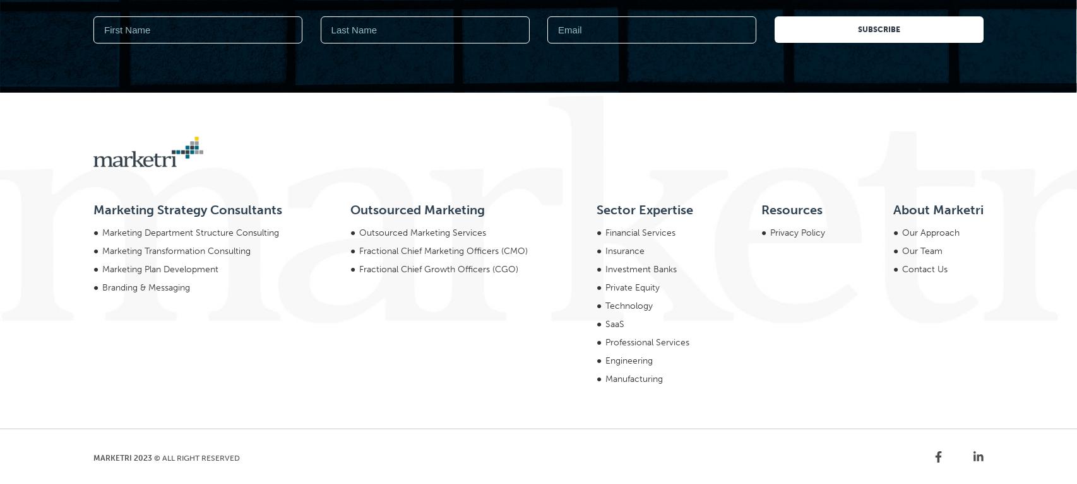  Describe the element at coordinates (640, 60) in the screenshot. I see `'Financial Services'` at that location.